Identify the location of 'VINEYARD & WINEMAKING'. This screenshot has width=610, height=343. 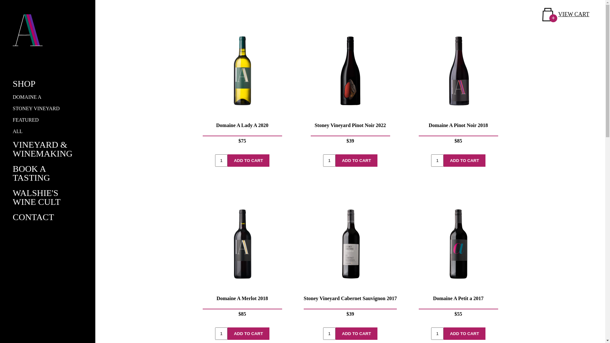
(42, 149).